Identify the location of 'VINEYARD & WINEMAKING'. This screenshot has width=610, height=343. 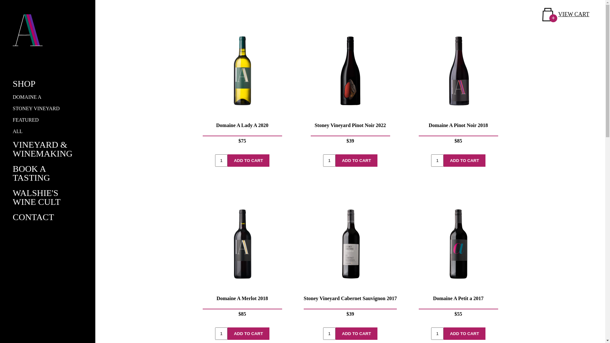
(42, 149).